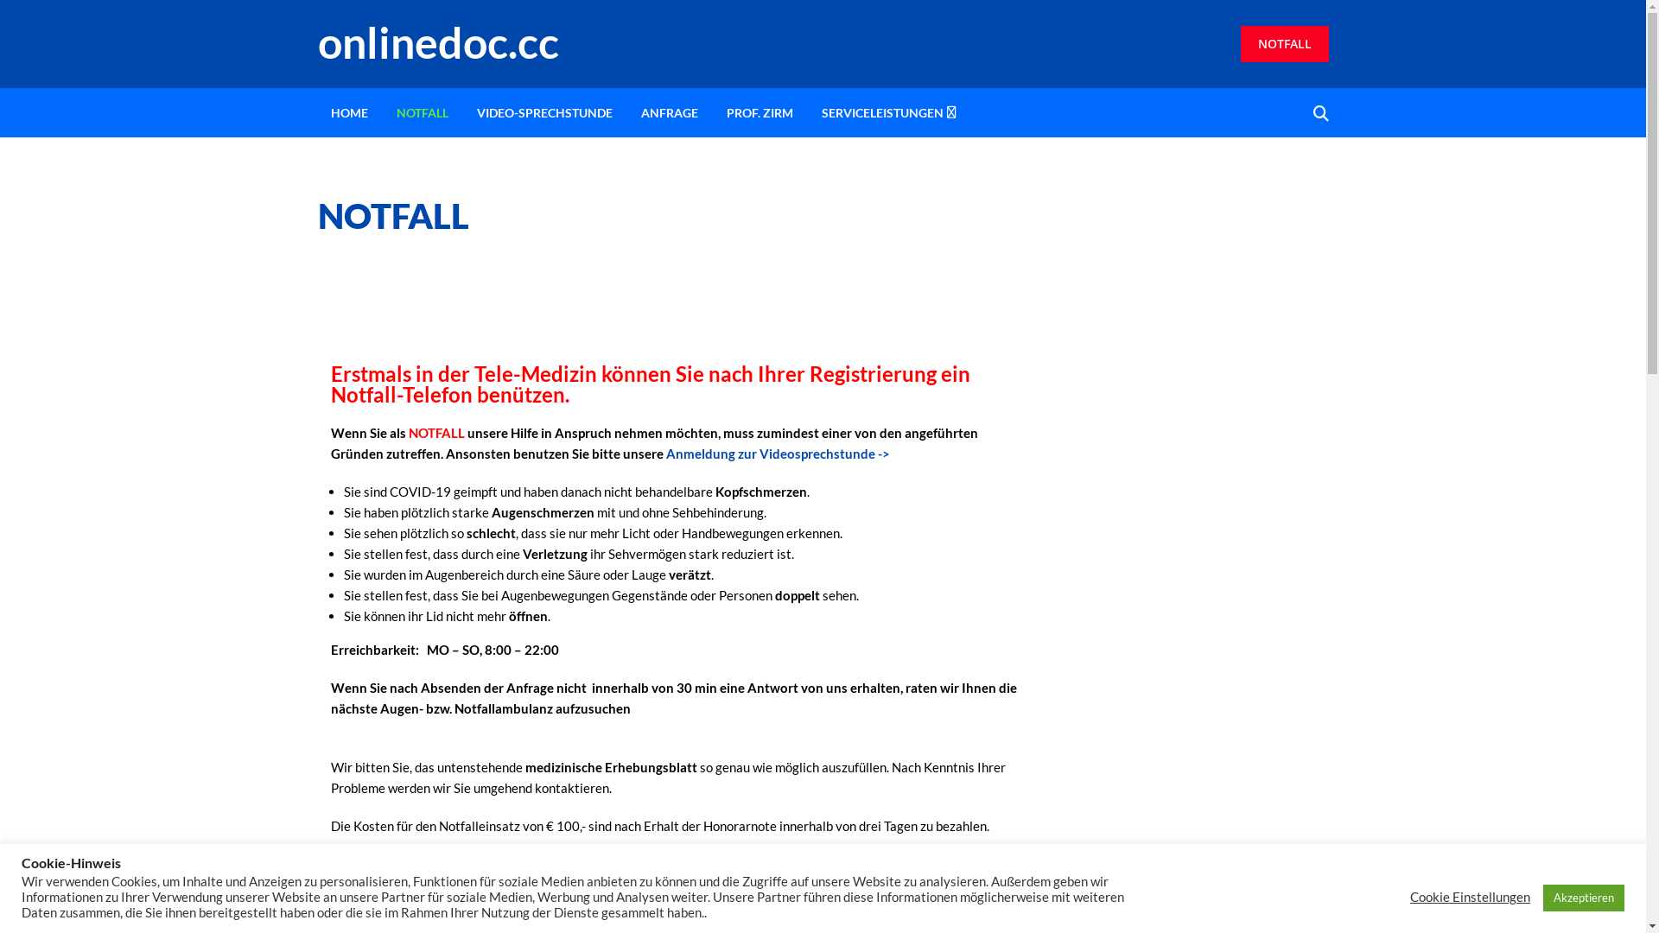  What do you see at coordinates (882, 112) in the screenshot?
I see `'SERVICELEISTUNGEN'` at bounding box center [882, 112].